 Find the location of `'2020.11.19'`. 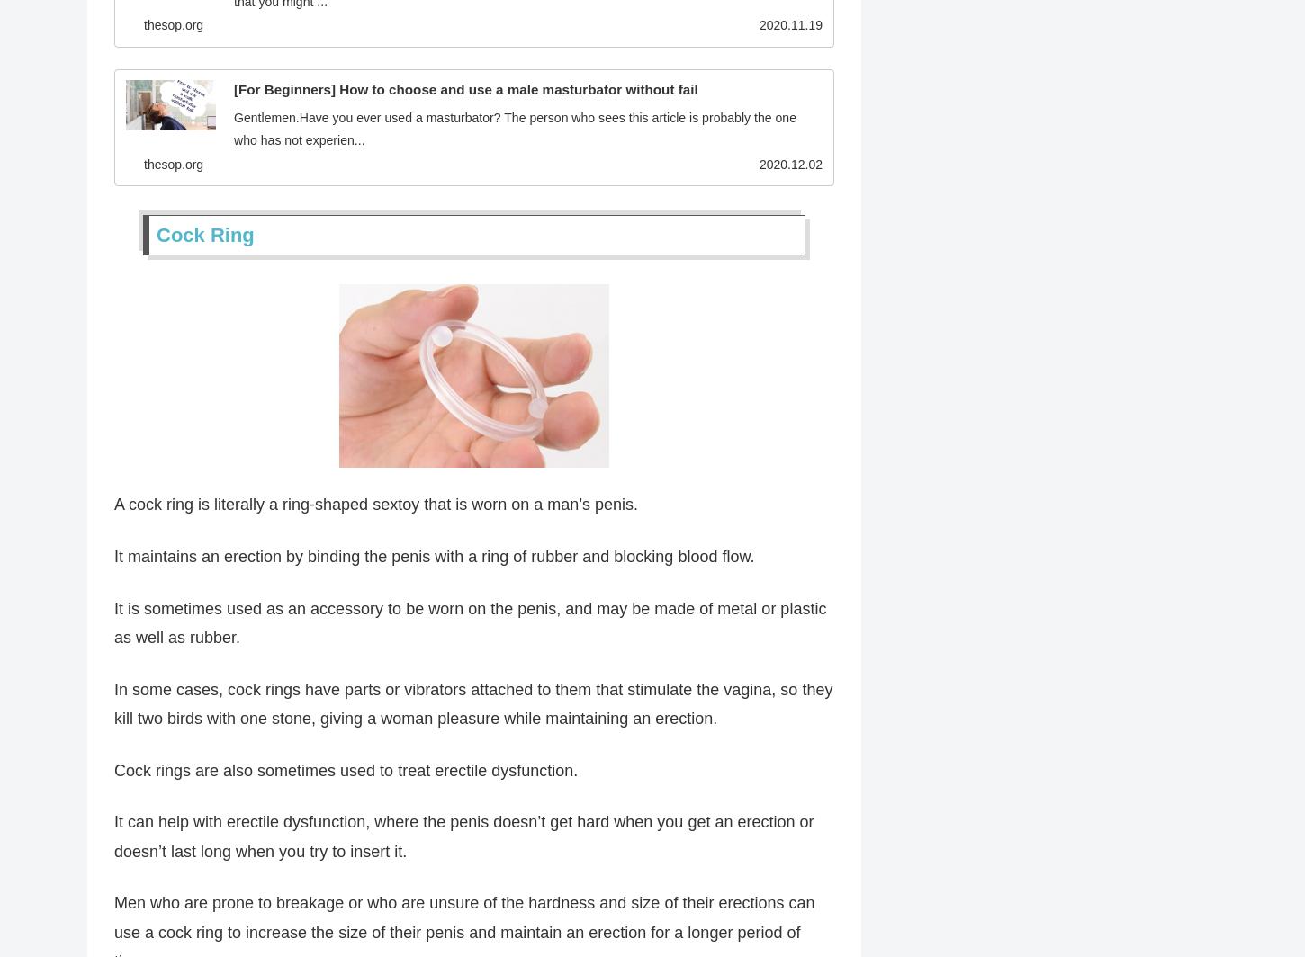

'2020.11.19' is located at coordinates (789, 27).